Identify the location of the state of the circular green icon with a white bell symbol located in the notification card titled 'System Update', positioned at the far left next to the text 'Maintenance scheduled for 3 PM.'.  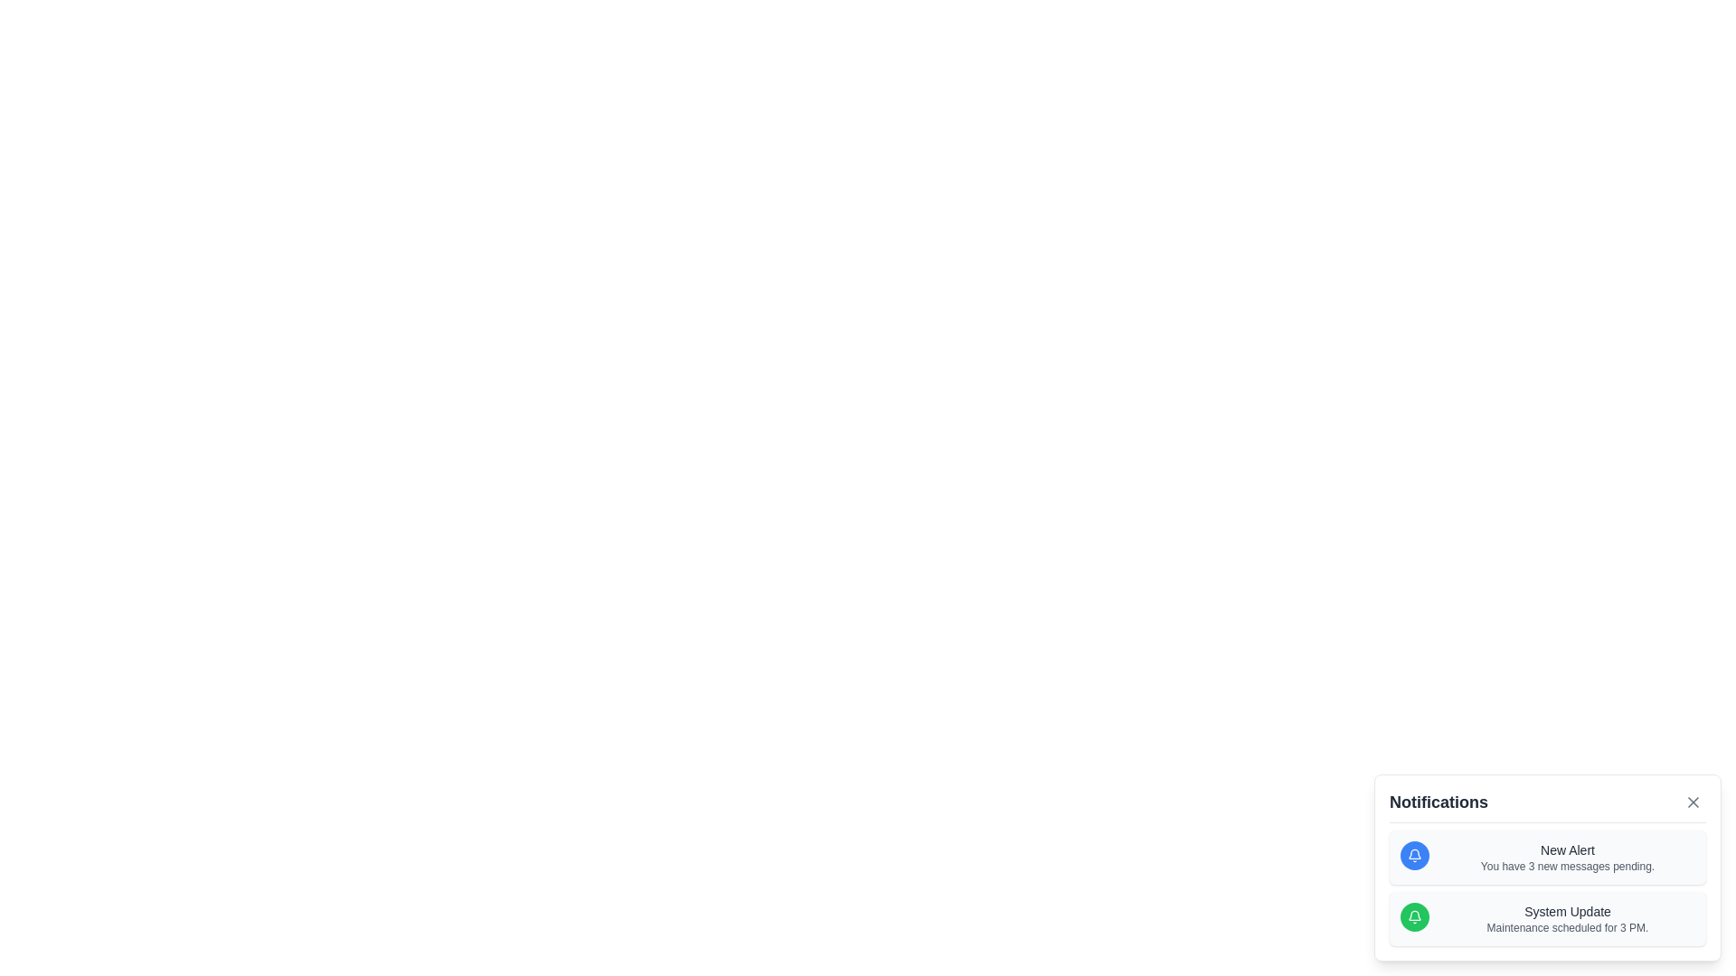
(1413, 916).